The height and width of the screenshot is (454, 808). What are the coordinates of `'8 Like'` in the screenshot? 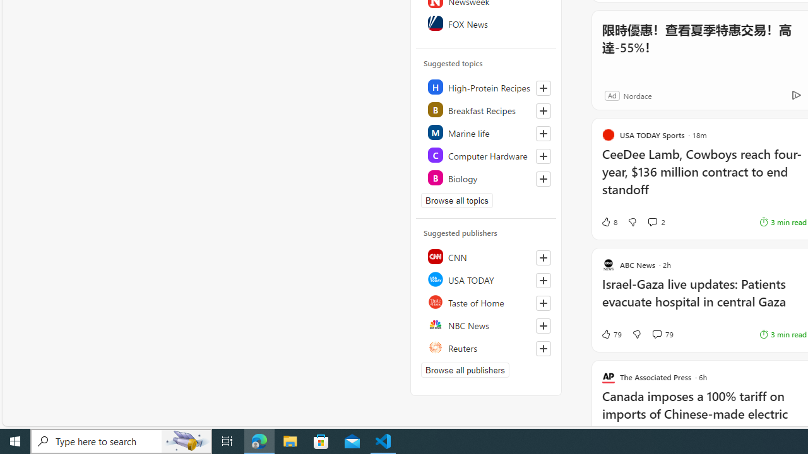 It's located at (609, 221).